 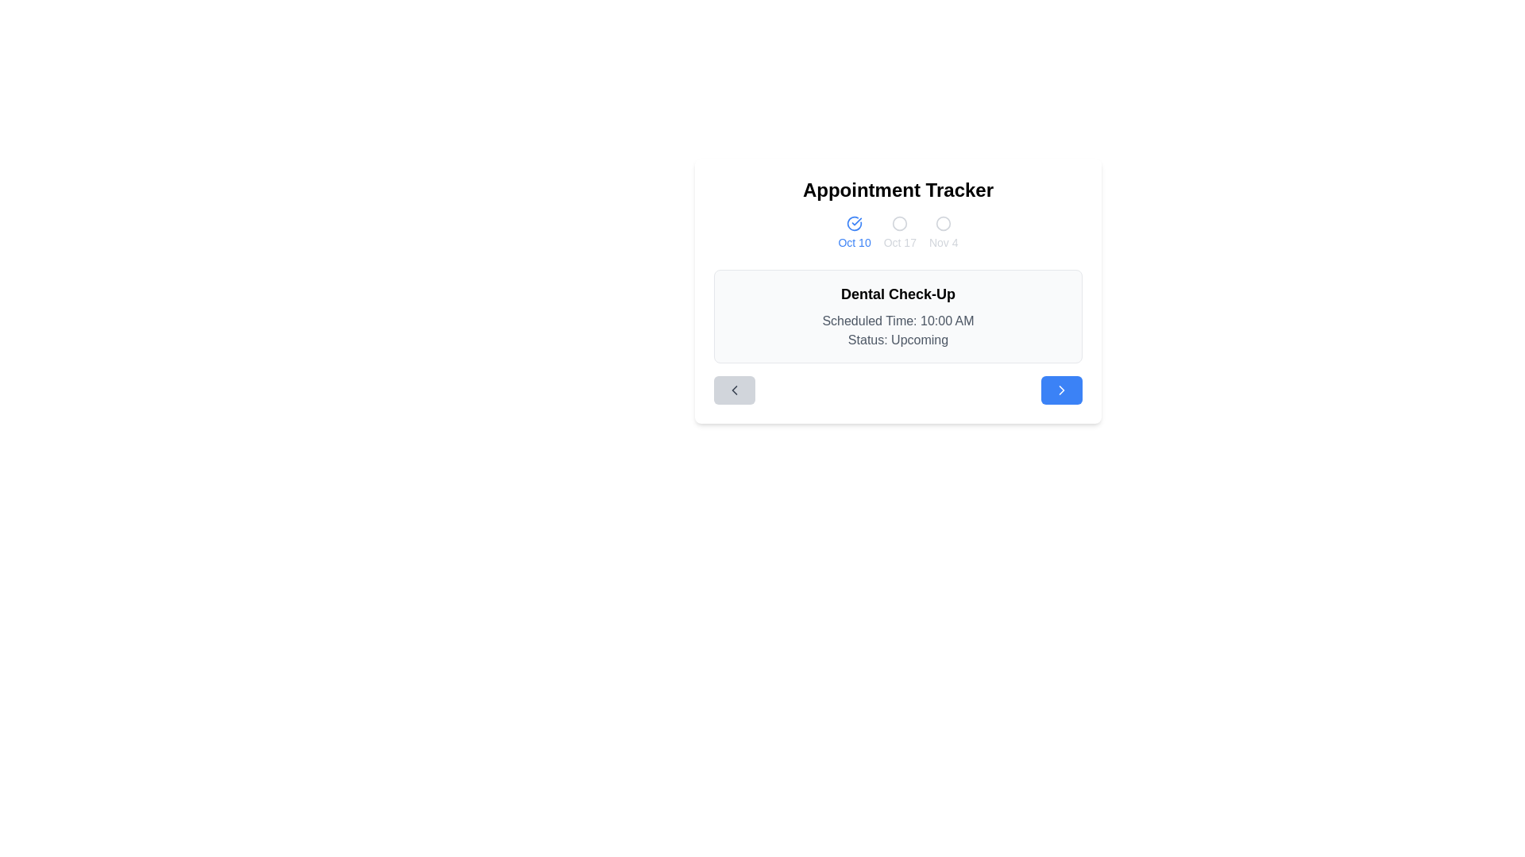 What do you see at coordinates (898, 290) in the screenshot?
I see `text displayed within the 'Appointment Tracker' card, which includes the event titled 'Dental Check-Up', the scheduled time '10:00 AM', and the status 'Upcoming'` at bounding box center [898, 290].